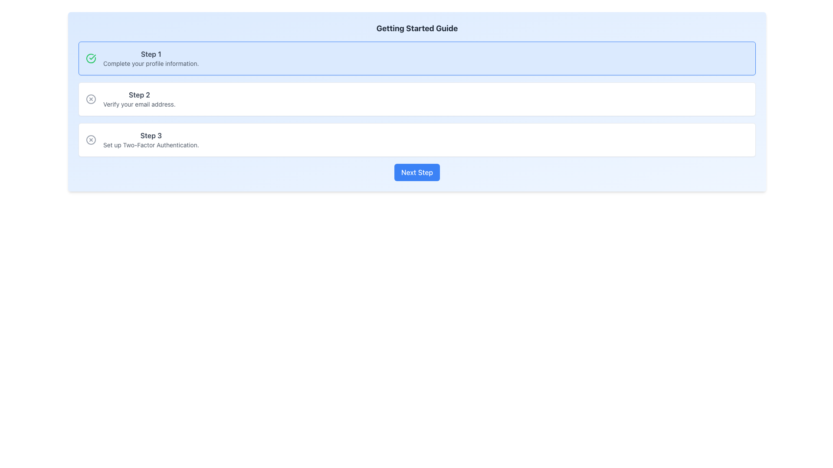 The height and width of the screenshot is (468, 833). I want to click on the Informational text element titled 'Step 1' with the subtitle 'Complete your profile information.' which is located at the top of the vertical list of steps, so click(151, 58).